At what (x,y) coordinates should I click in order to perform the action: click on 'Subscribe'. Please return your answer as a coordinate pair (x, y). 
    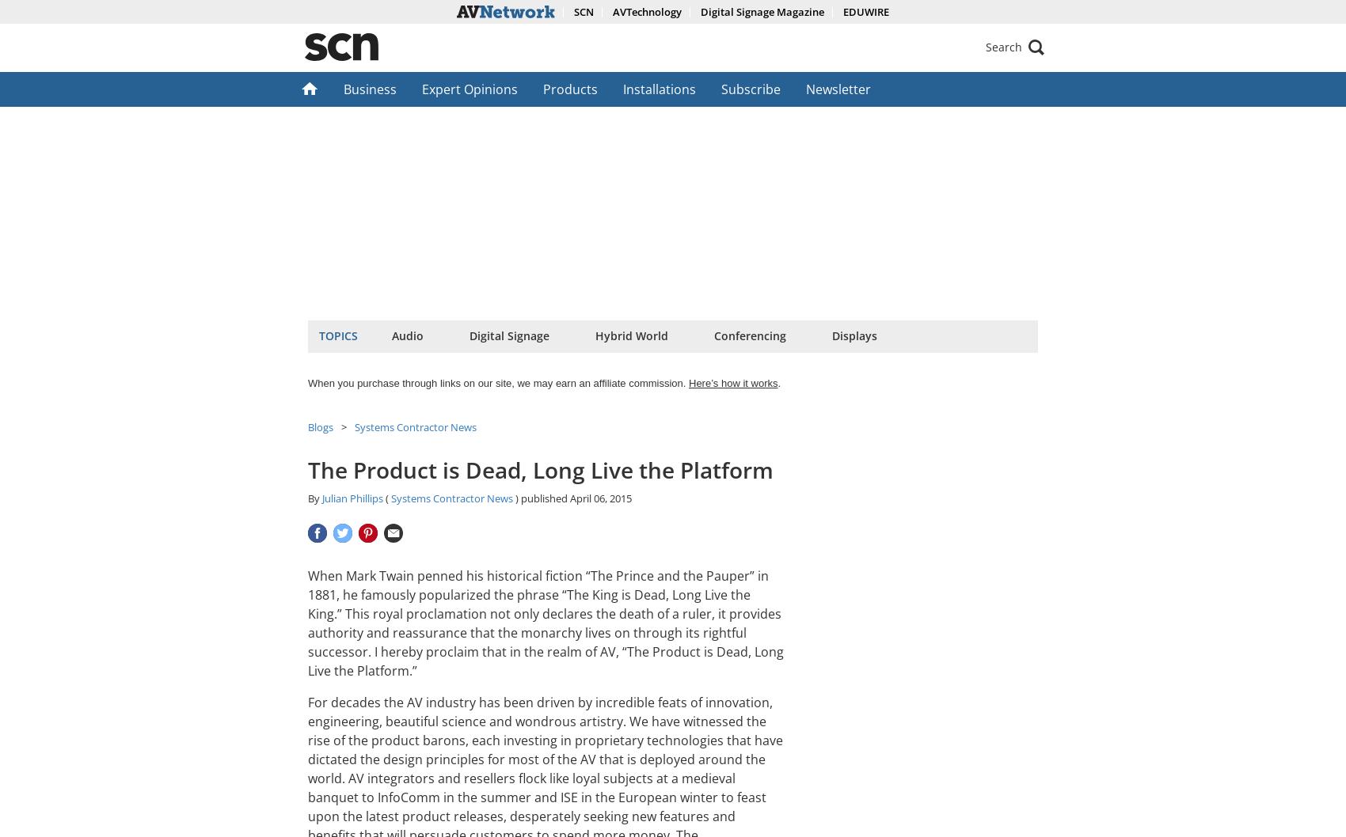
    Looking at the image, I should click on (751, 88).